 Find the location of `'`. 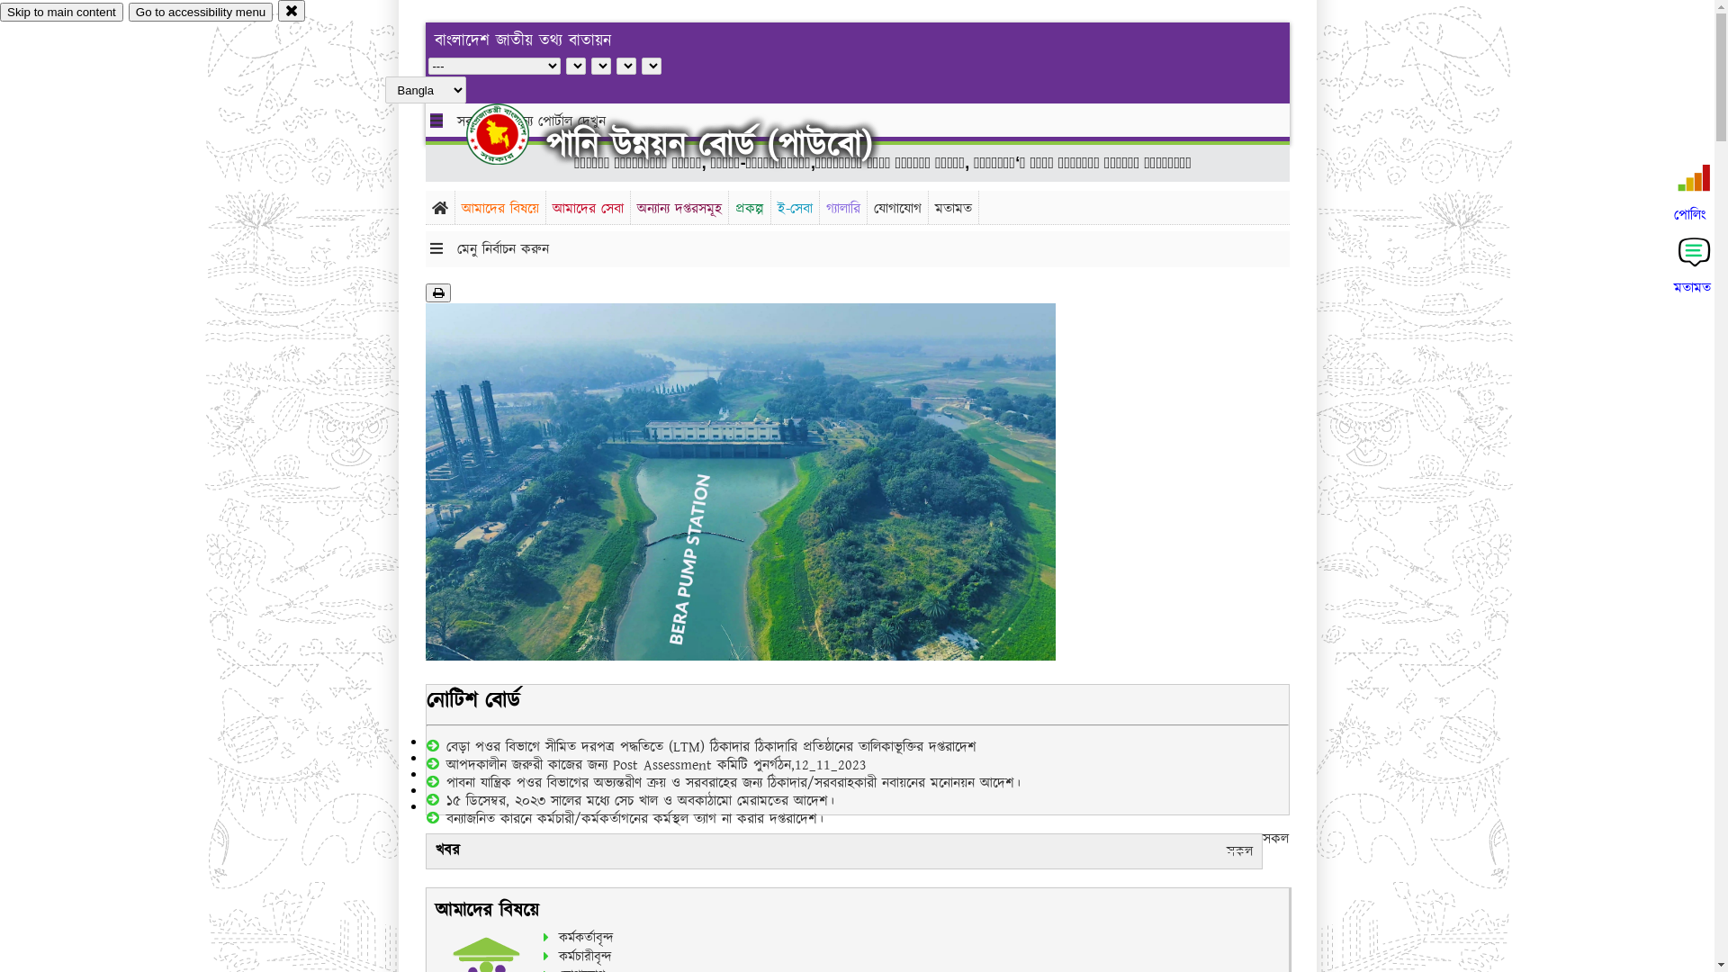

' is located at coordinates (466, 133).